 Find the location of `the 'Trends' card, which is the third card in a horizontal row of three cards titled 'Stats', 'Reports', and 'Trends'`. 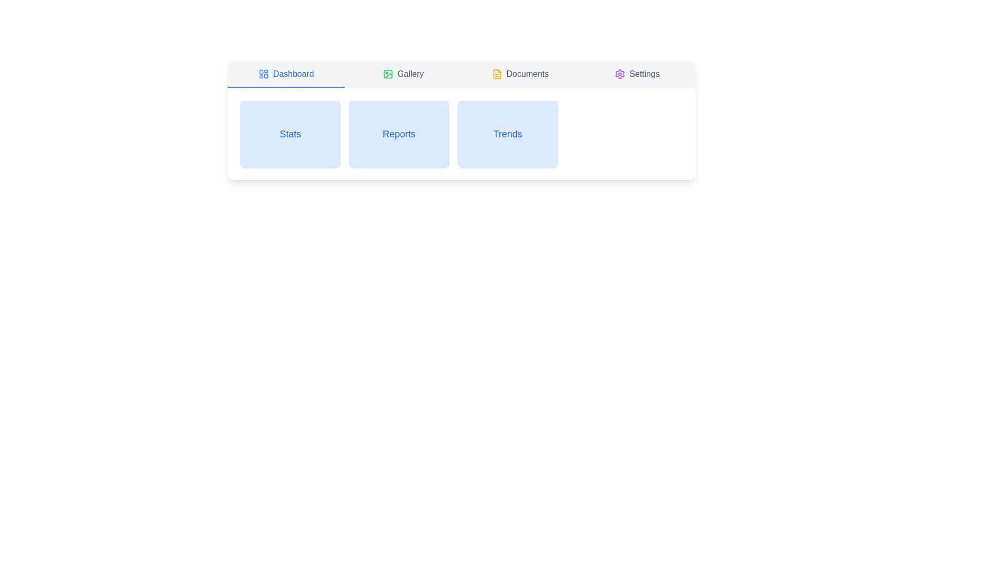

the 'Trends' card, which is the third card in a horizontal row of three cards titled 'Stats', 'Reports', and 'Trends' is located at coordinates (507, 134).